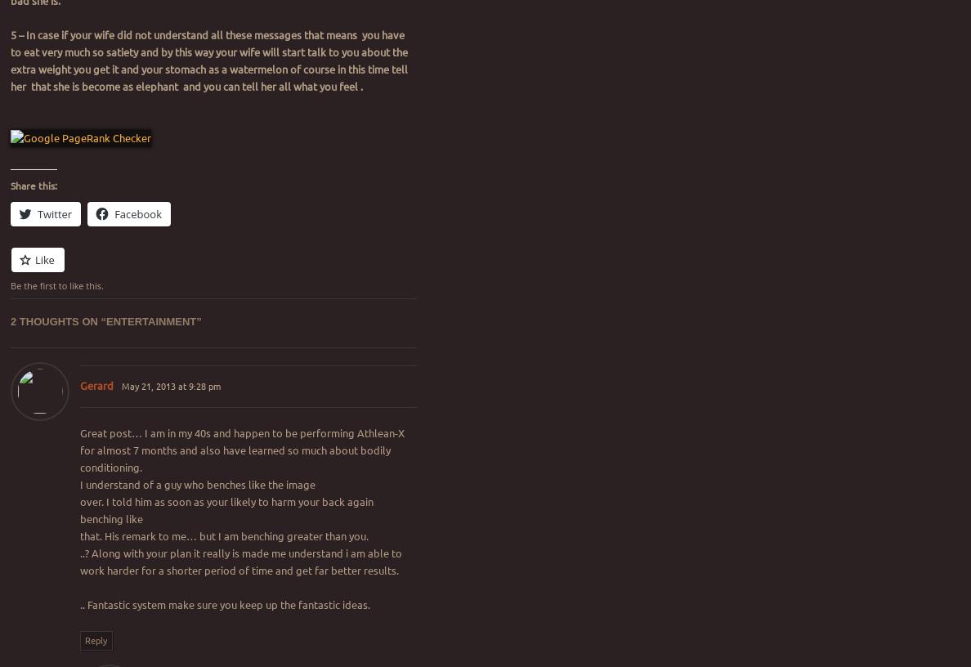 This screenshot has height=667, width=971. Describe the element at coordinates (95, 638) in the screenshot. I see `'Reply'` at that location.